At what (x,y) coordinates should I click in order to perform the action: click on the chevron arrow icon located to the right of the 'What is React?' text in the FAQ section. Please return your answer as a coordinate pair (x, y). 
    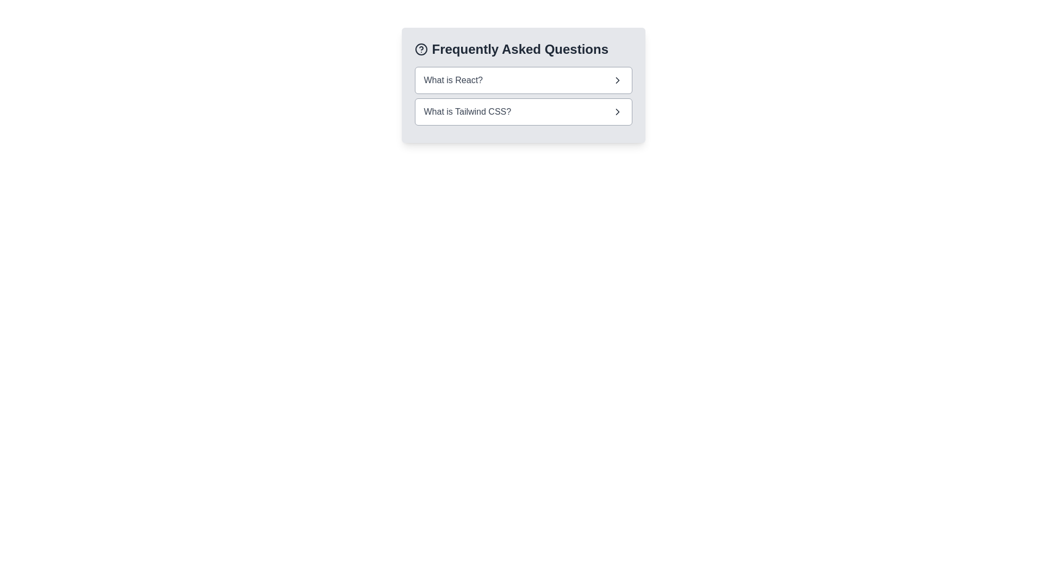
    Looking at the image, I should click on (617, 79).